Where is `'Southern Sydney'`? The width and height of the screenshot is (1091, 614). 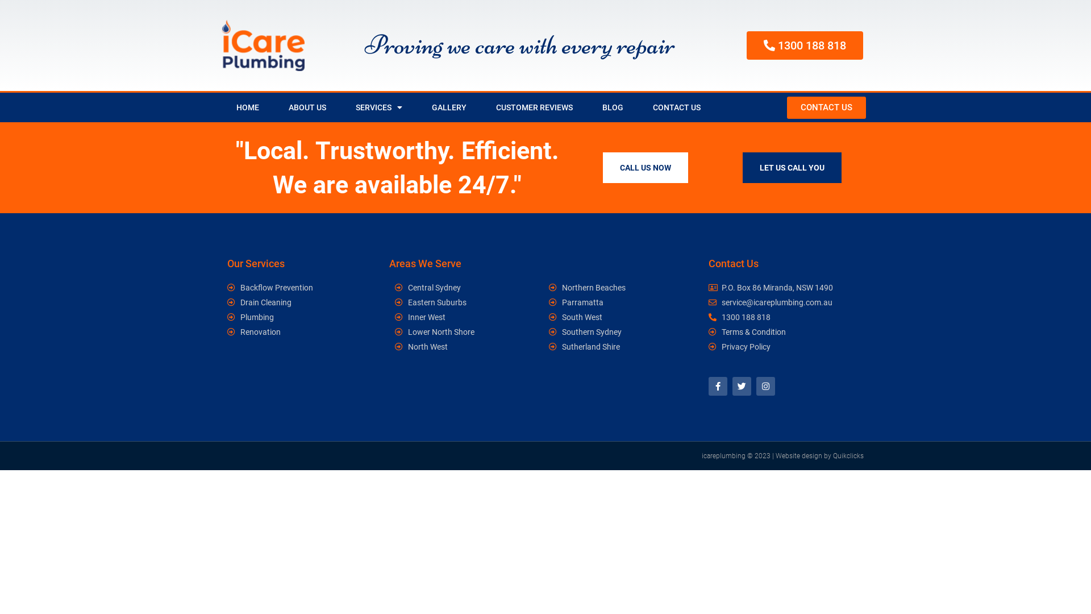 'Southern Sydney' is located at coordinates (548, 331).